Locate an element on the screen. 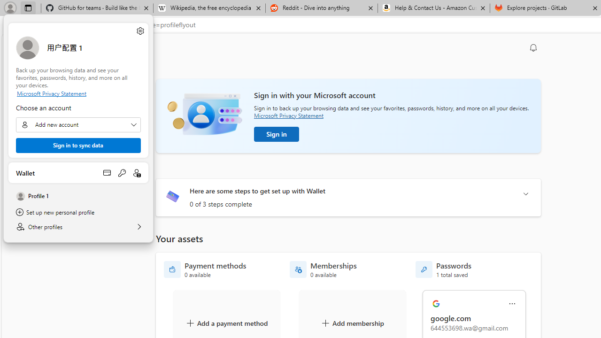 This screenshot has width=601, height=338. 'Set up new personal profile' is located at coordinates (78, 212).